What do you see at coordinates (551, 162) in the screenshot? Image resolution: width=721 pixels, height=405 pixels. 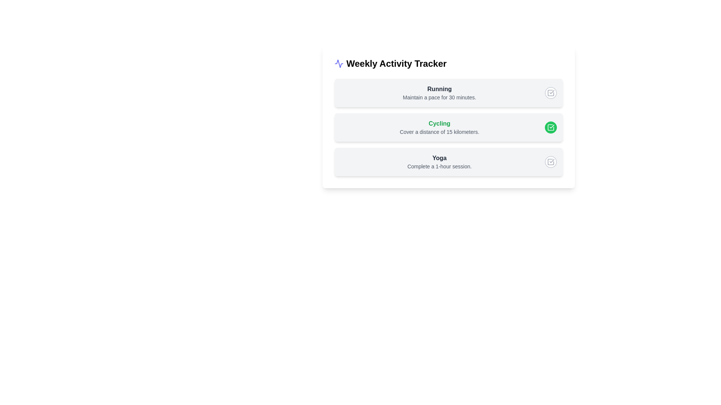 I see `the circular button with a ticked checkbox icon on the right side of the 'Yoga' task row to mark the task as completed` at bounding box center [551, 162].